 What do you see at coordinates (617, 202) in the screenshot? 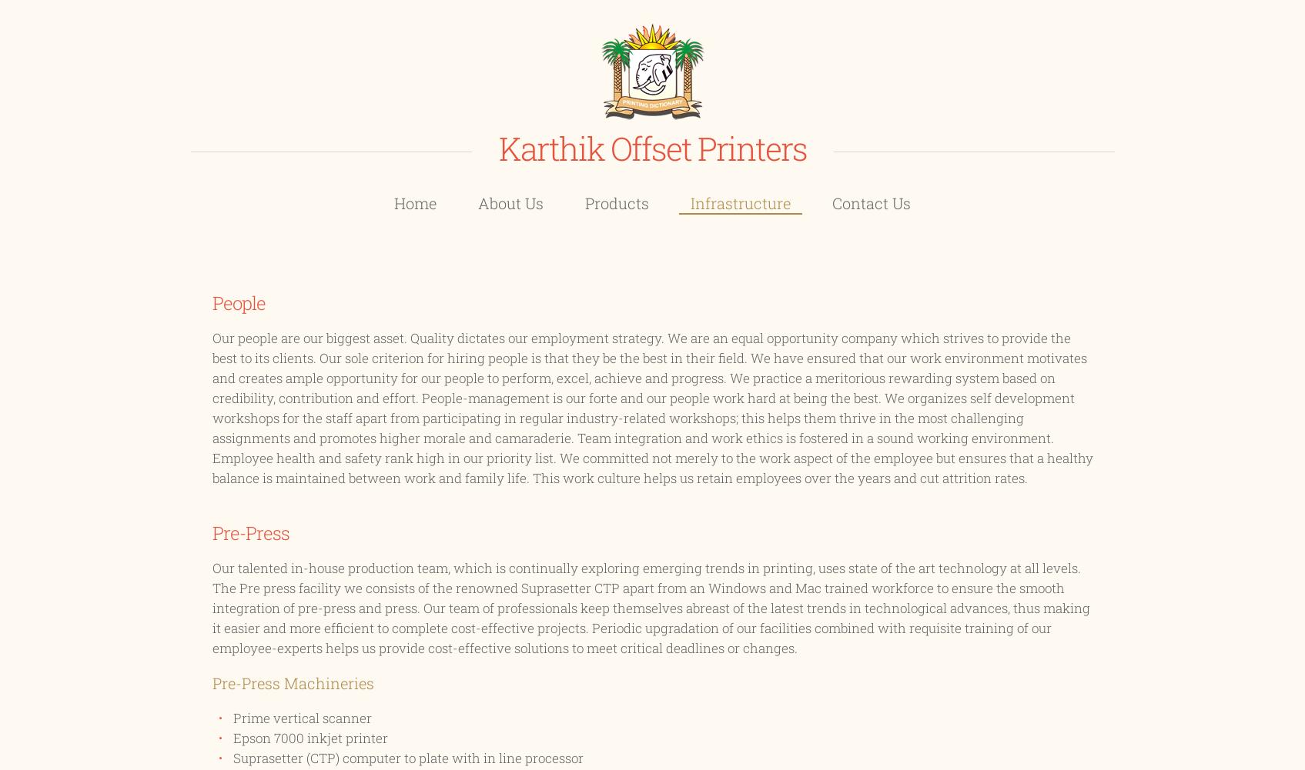
I see `'Products'` at bounding box center [617, 202].